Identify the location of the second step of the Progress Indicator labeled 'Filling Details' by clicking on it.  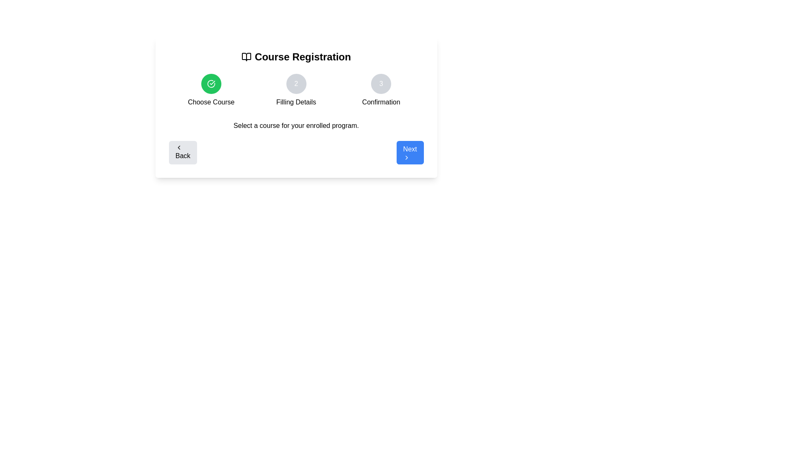
(296, 91).